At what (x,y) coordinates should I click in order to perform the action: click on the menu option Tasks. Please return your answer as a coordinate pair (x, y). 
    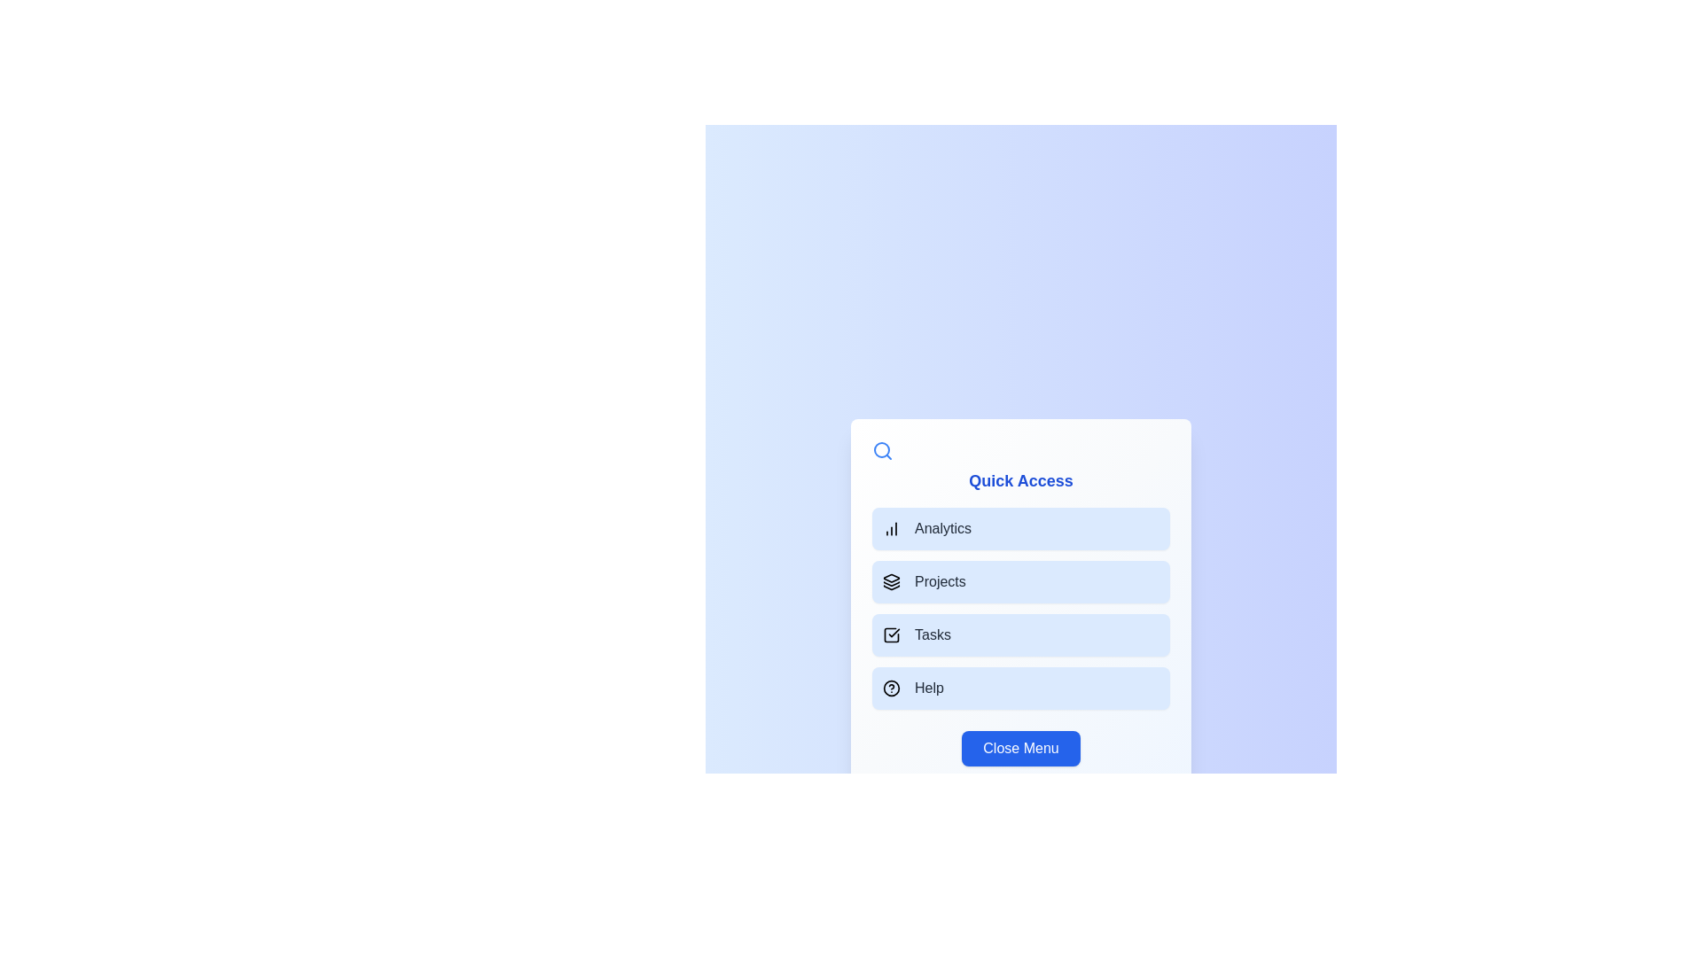
    Looking at the image, I should click on (1021, 634).